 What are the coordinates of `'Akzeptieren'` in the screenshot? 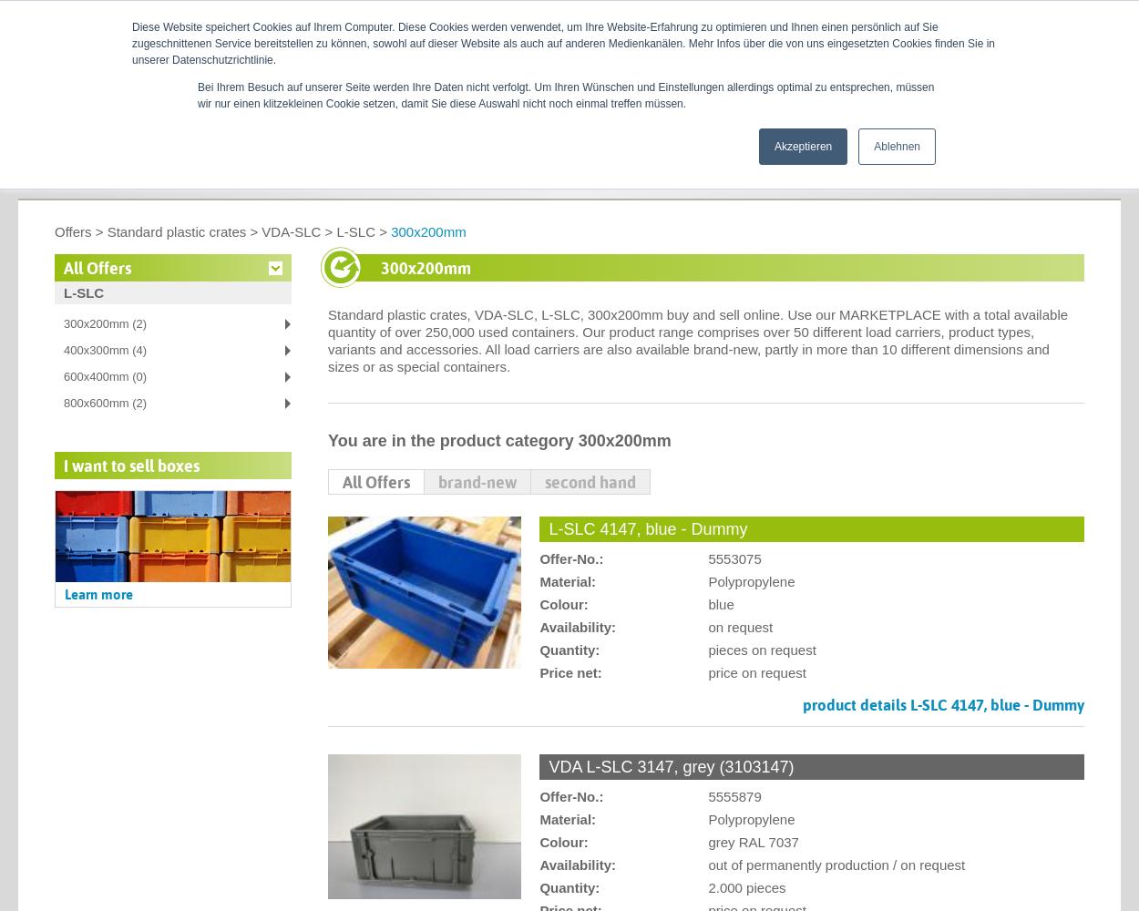 It's located at (773, 147).